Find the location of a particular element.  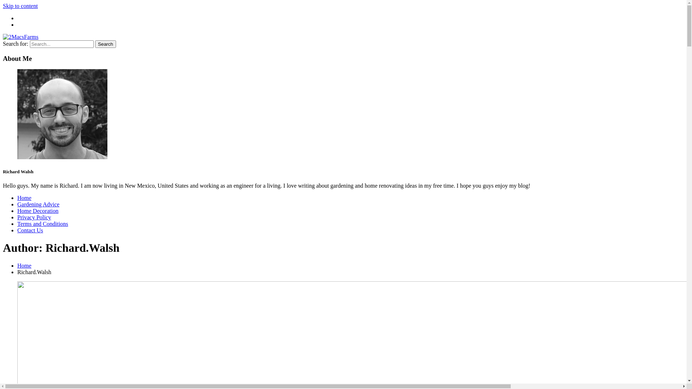

'Home' is located at coordinates (17, 265).